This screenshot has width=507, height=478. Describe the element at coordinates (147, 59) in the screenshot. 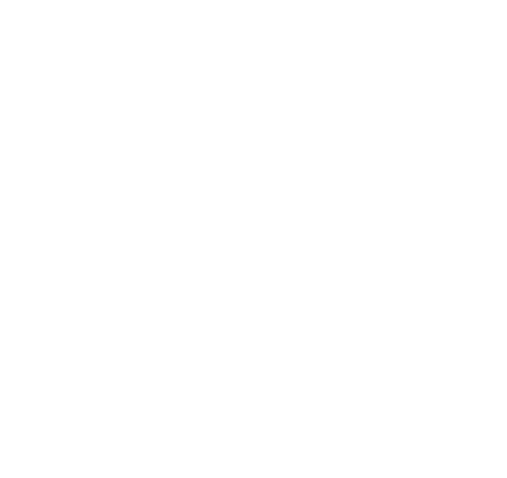

I see `'IOPSYS Software Solutions AB (IOPSYS) collects the following data:'` at that location.